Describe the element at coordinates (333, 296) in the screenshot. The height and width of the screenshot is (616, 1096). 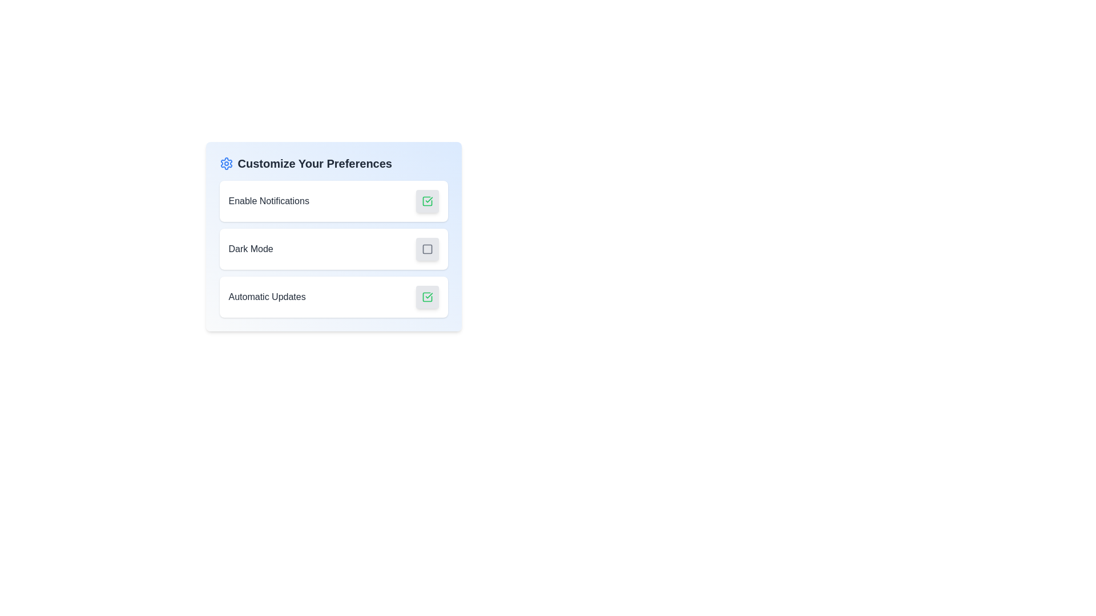
I see `the Interactive Option Box labeled 'Automatic Updates'` at that location.